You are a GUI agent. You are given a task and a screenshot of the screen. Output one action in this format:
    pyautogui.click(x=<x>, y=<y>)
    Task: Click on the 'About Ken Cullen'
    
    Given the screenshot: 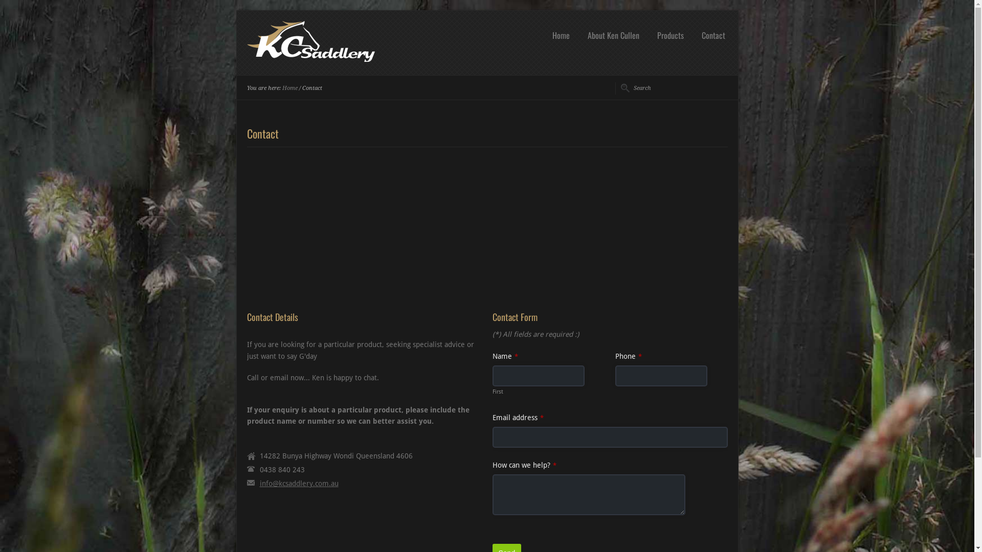 What is the action you would take?
    pyautogui.click(x=613, y=35)
    